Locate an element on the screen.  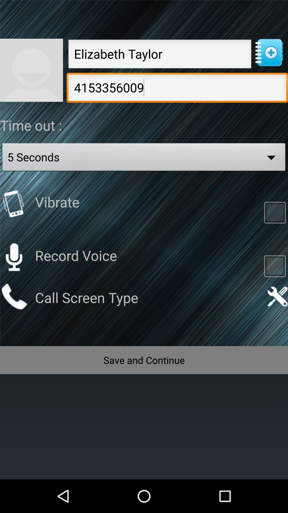
profile photo is located at coordinates (31, 70).